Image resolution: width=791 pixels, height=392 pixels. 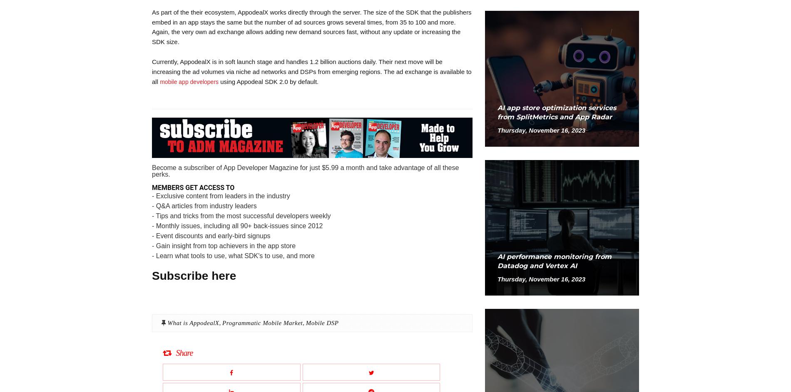 What do you see at coordinates (233, 255) in the screenshot?
I see `'- Learn what tools to use, what SDK's to use, and more'` at bounding box center [233, 255].